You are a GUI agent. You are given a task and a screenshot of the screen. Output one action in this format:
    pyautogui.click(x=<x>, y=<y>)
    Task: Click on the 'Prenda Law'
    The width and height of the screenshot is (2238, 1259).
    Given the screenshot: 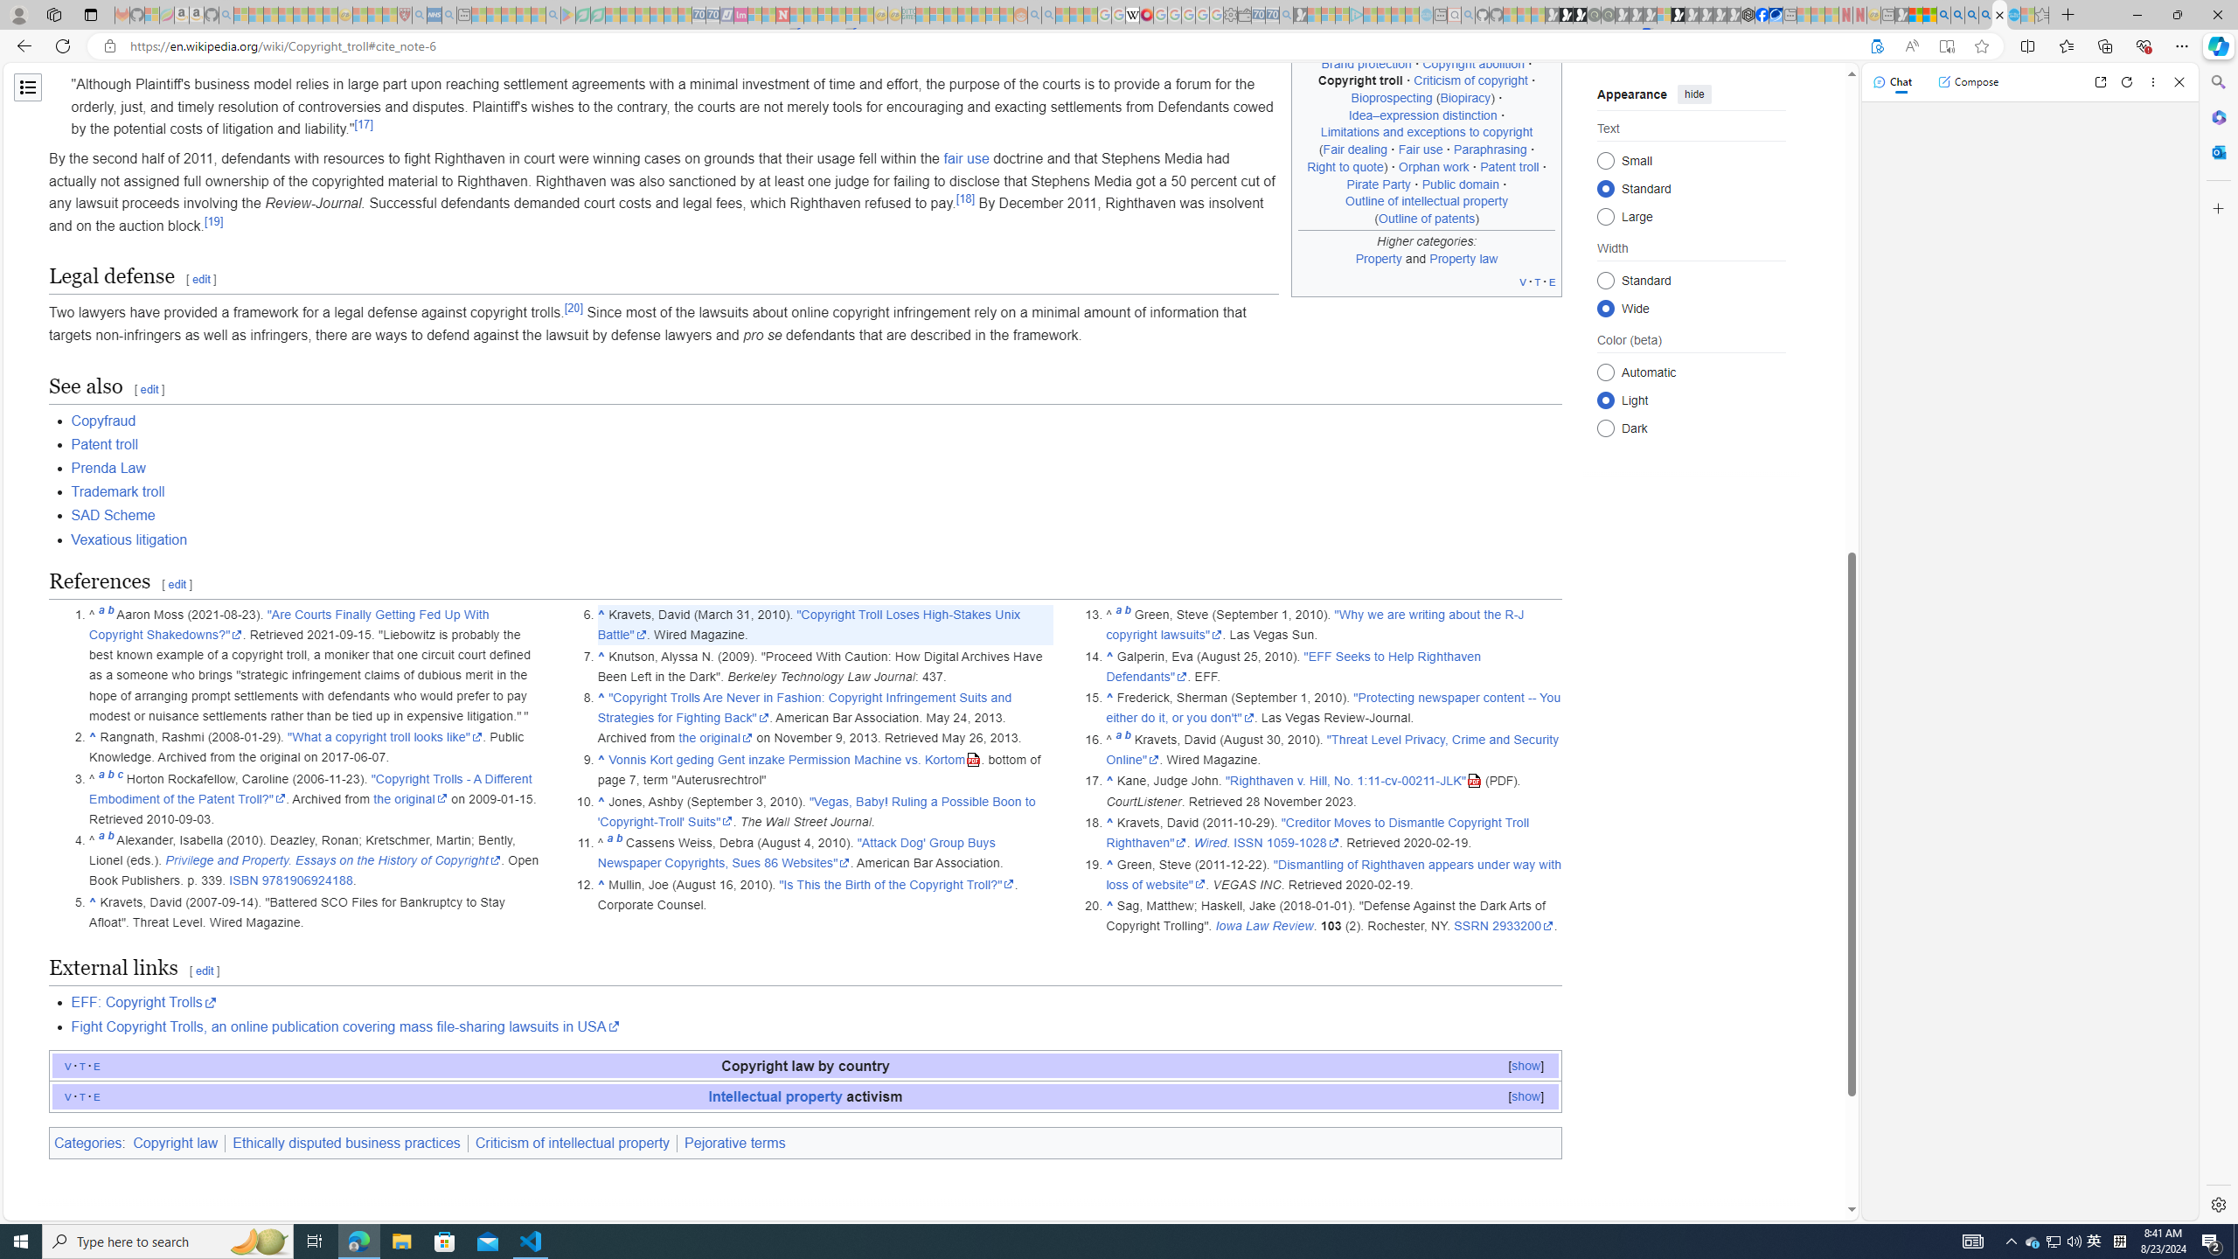 What is the action you would take?
    pyautogui.click(x=108, y=468)
    